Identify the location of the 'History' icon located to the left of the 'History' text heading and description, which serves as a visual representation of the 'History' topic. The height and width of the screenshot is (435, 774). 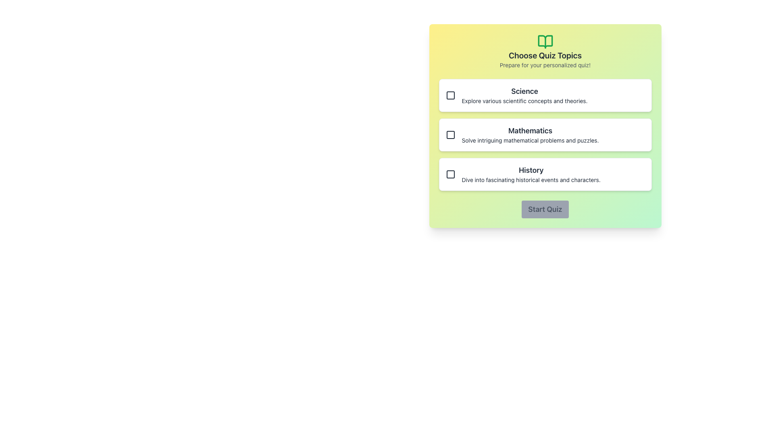
(450, 174).